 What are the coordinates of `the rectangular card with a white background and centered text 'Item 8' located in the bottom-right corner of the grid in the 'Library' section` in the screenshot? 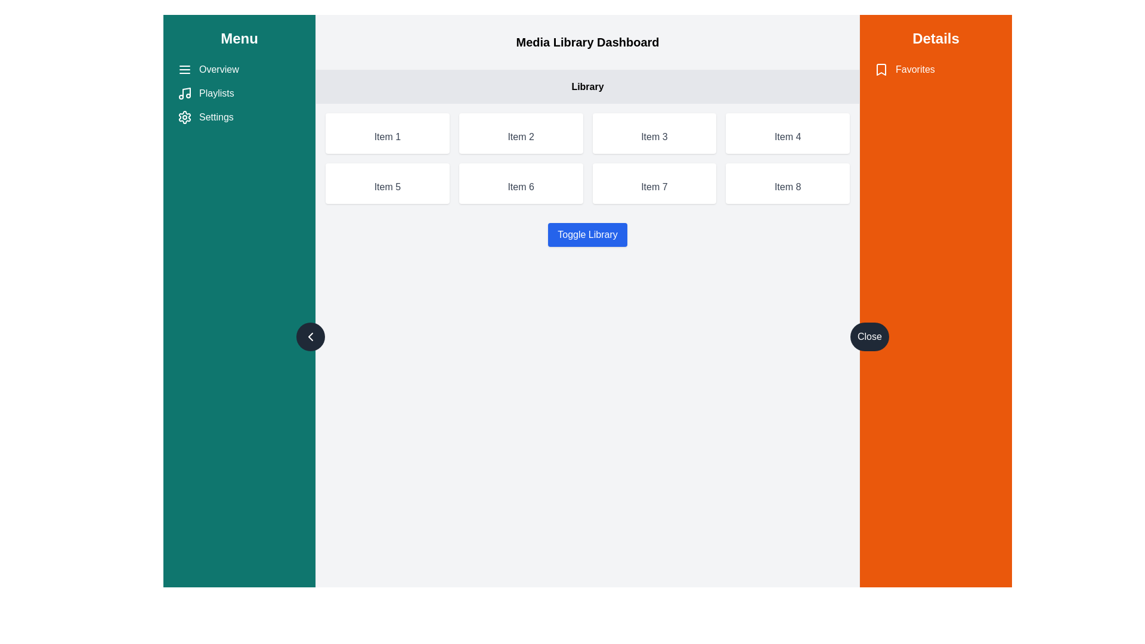 It's located at (788, 184).